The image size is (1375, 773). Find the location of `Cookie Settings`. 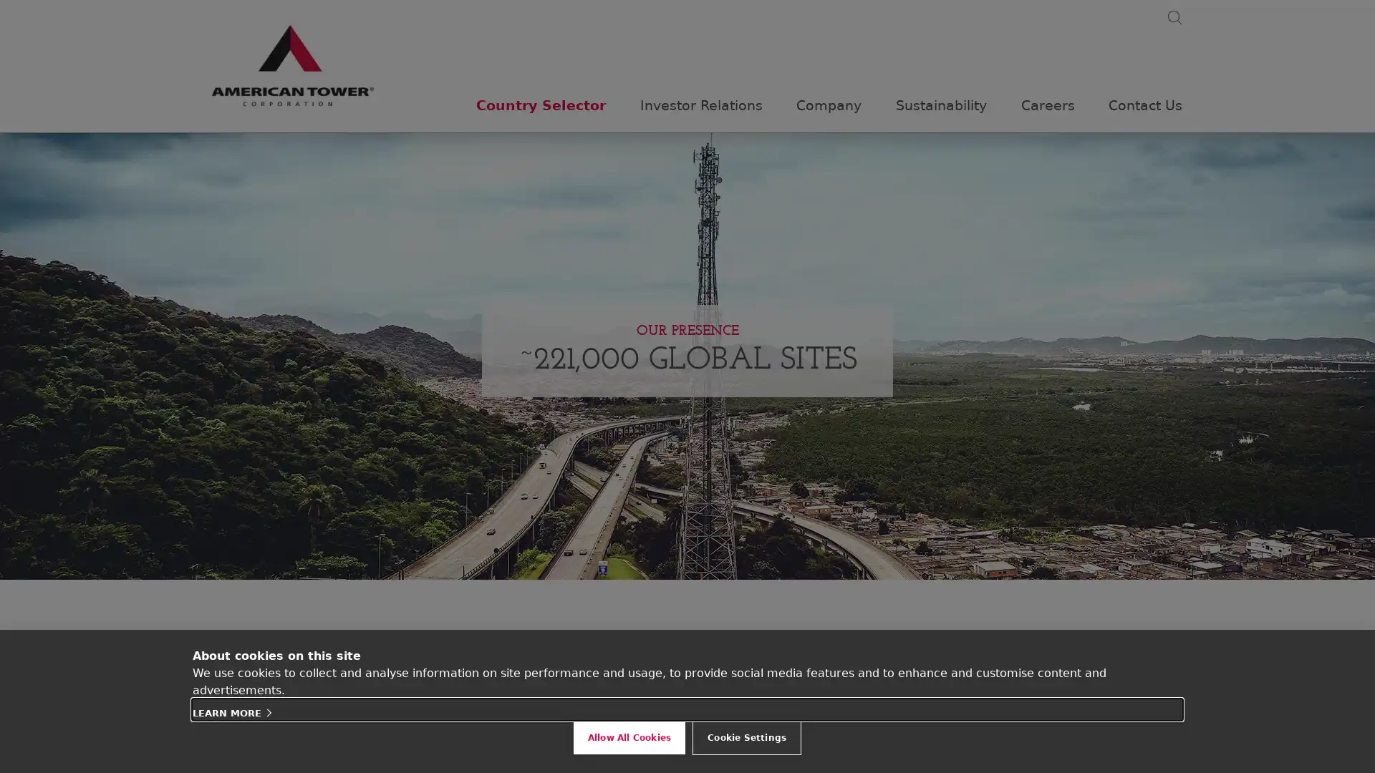

Cookie Settings is located at coordinates (746, 737).